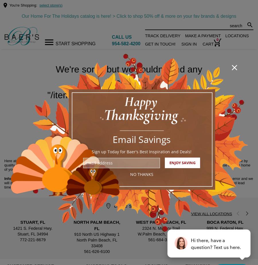 The height and width of the screenshot is (265, 258). What do you see at coordinates (247, 25) in the screenshot?
I see `'search'` at bounding box center [247, 25].